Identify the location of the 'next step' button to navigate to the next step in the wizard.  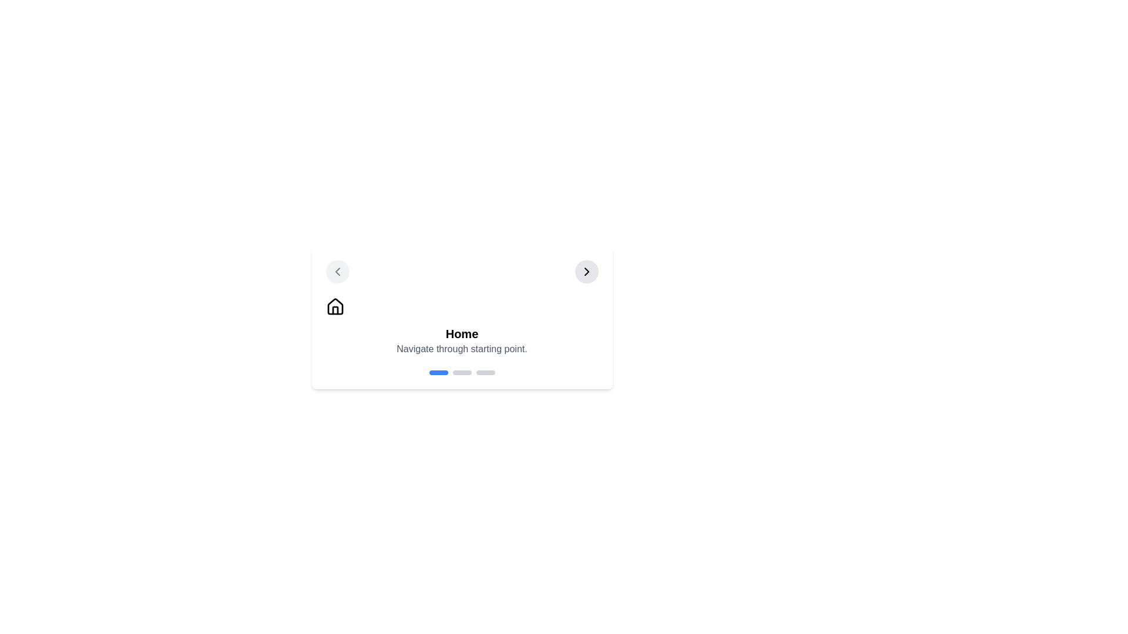
(586, 271).